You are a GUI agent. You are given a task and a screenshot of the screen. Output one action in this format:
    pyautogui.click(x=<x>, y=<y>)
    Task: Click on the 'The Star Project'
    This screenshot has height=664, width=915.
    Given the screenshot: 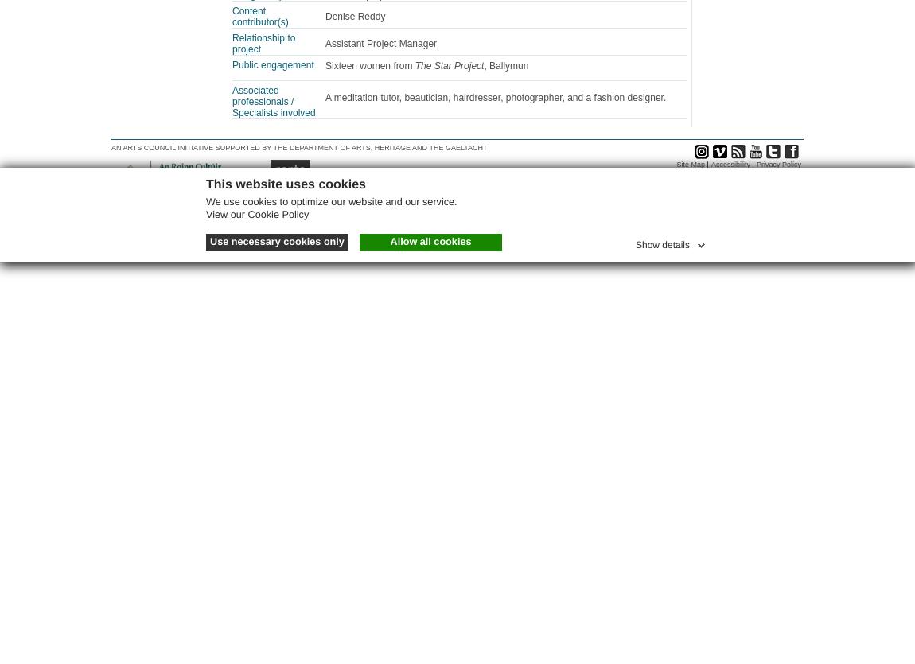 What is the action you would take?
    pyautogui.click(x=414, y=65)
    